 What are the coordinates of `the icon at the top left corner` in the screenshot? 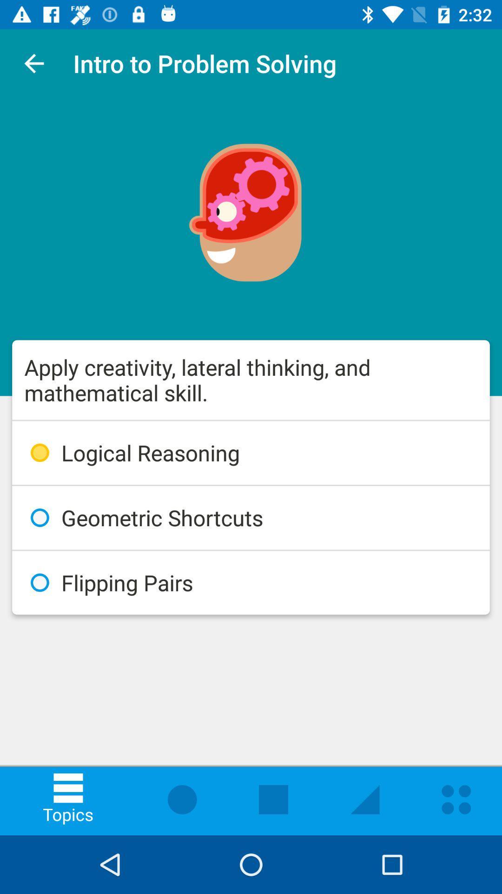 It's located at (33, 63).